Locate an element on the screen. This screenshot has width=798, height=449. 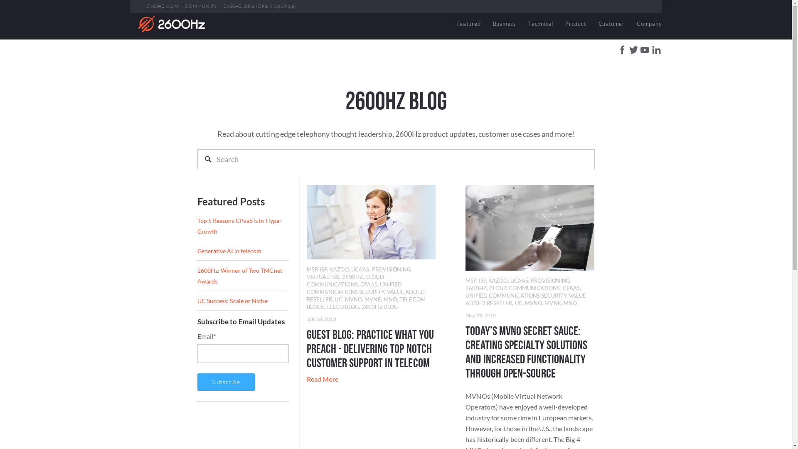
'MNO' is located at coordinates (390, 299).